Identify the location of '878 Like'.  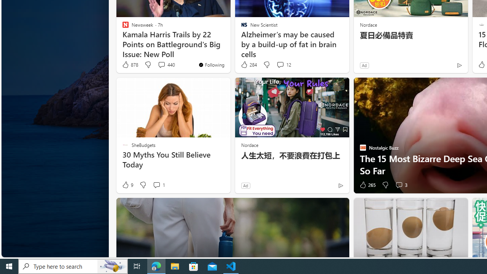
(130, 64).